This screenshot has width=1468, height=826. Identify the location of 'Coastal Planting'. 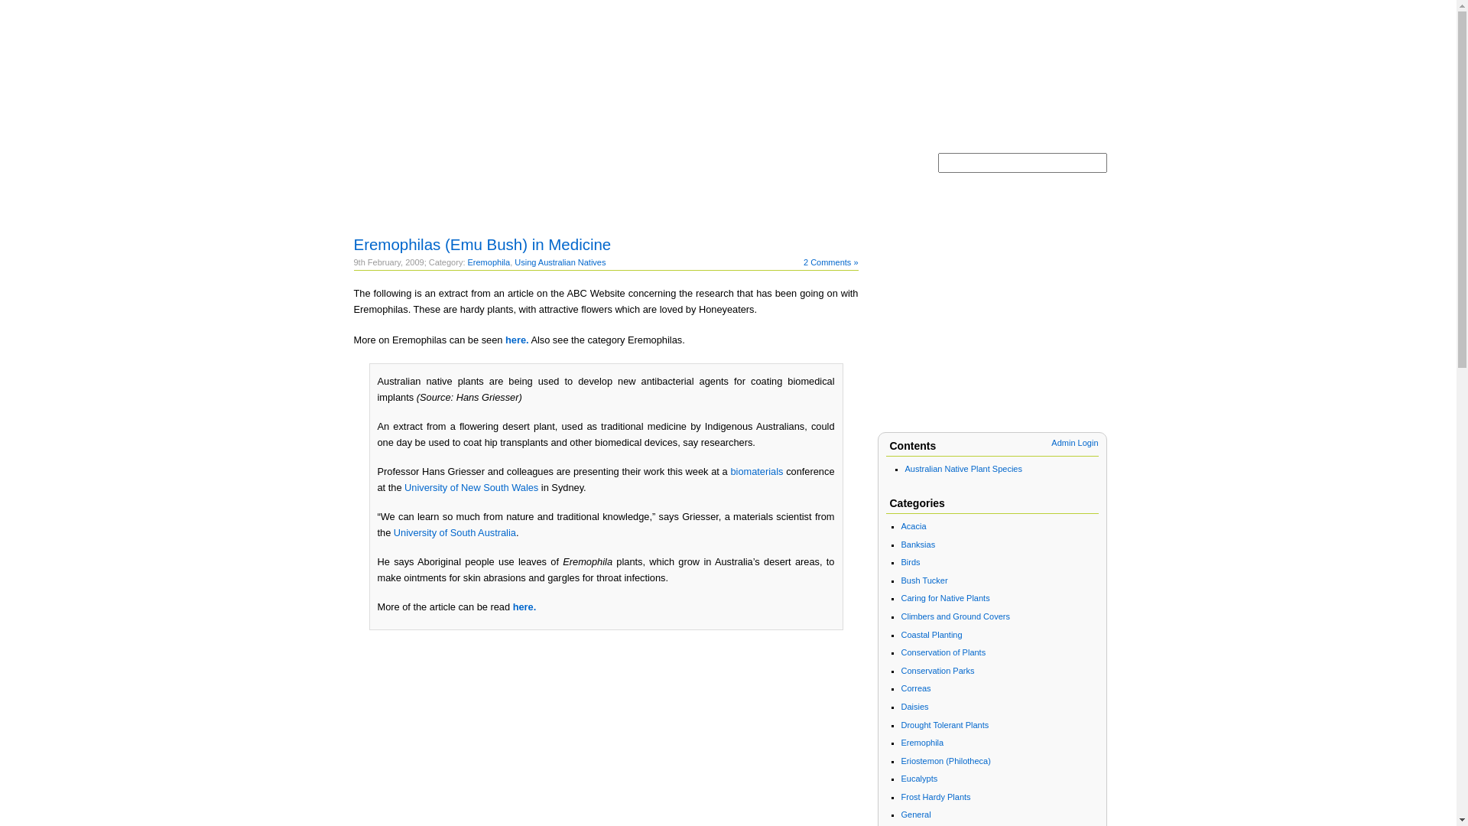
(930, 634).